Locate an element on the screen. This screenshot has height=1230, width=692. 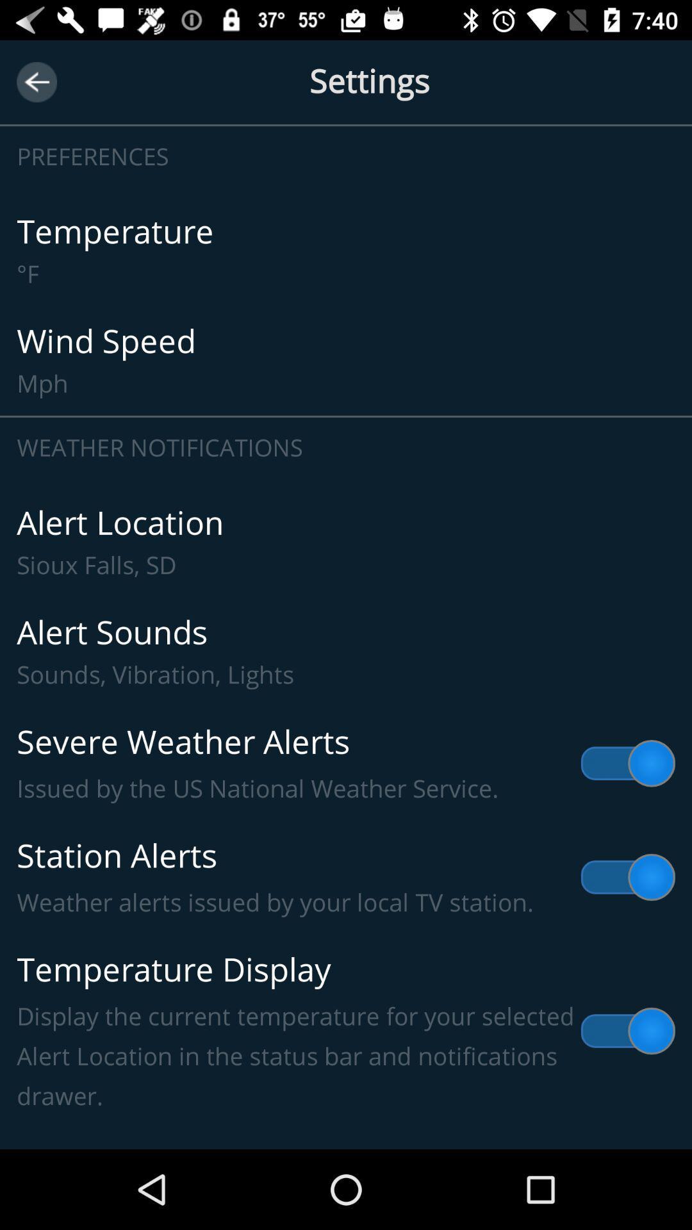
icon next to the settings is located at coordinates (36, 81).